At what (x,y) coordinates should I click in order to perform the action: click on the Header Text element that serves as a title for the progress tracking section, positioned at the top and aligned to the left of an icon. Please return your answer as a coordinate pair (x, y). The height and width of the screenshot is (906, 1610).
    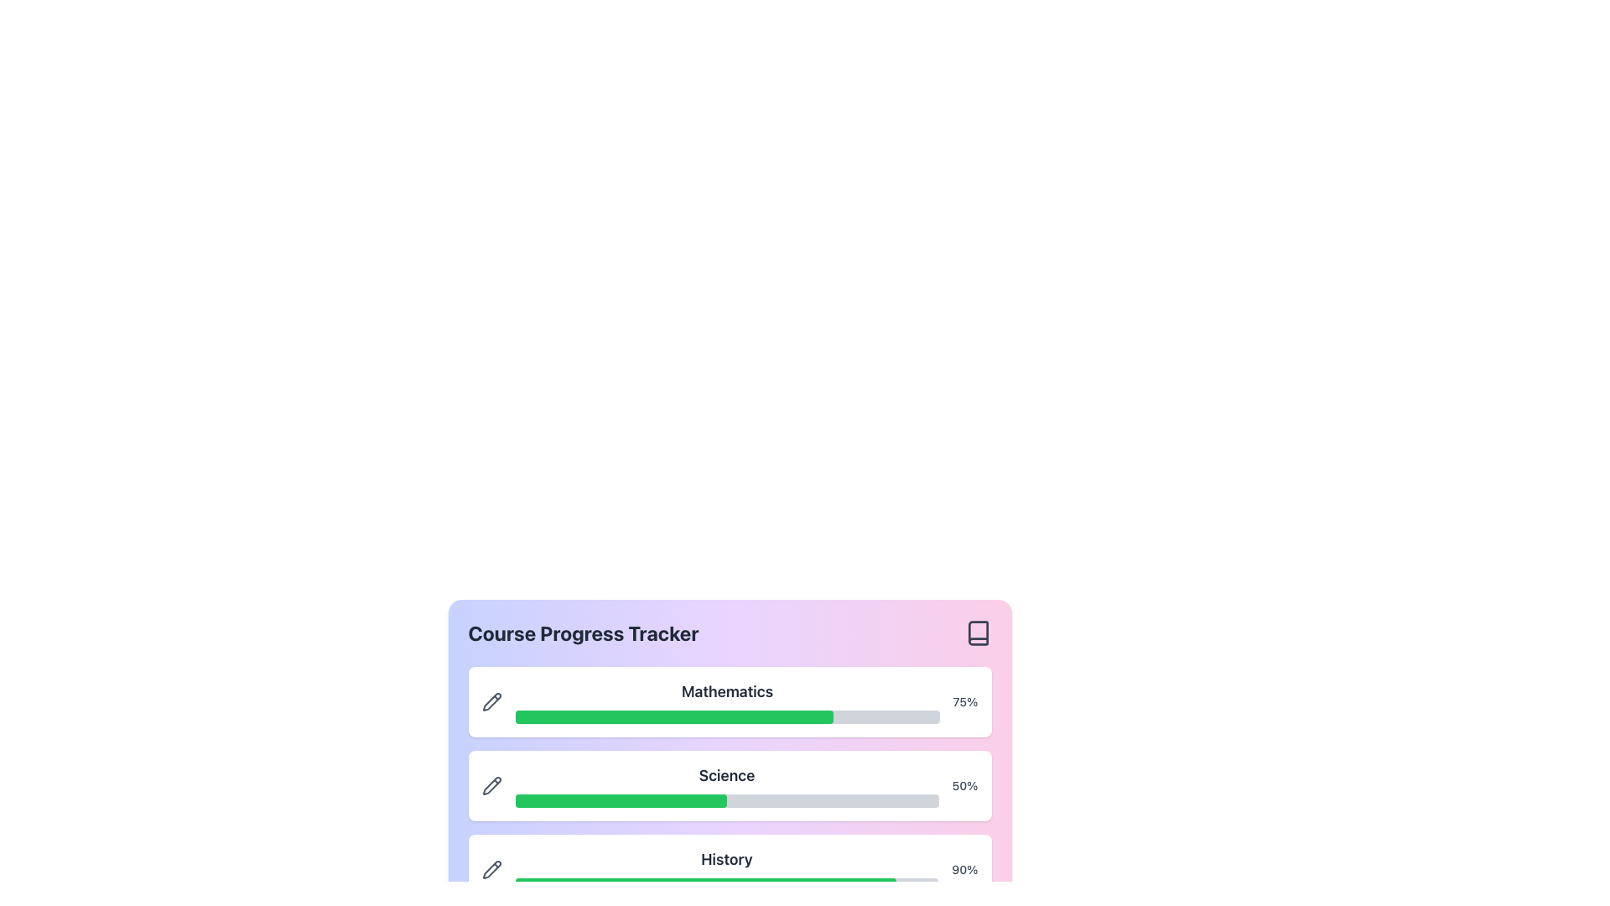
    Looking at the image, I should click on (584, 633).